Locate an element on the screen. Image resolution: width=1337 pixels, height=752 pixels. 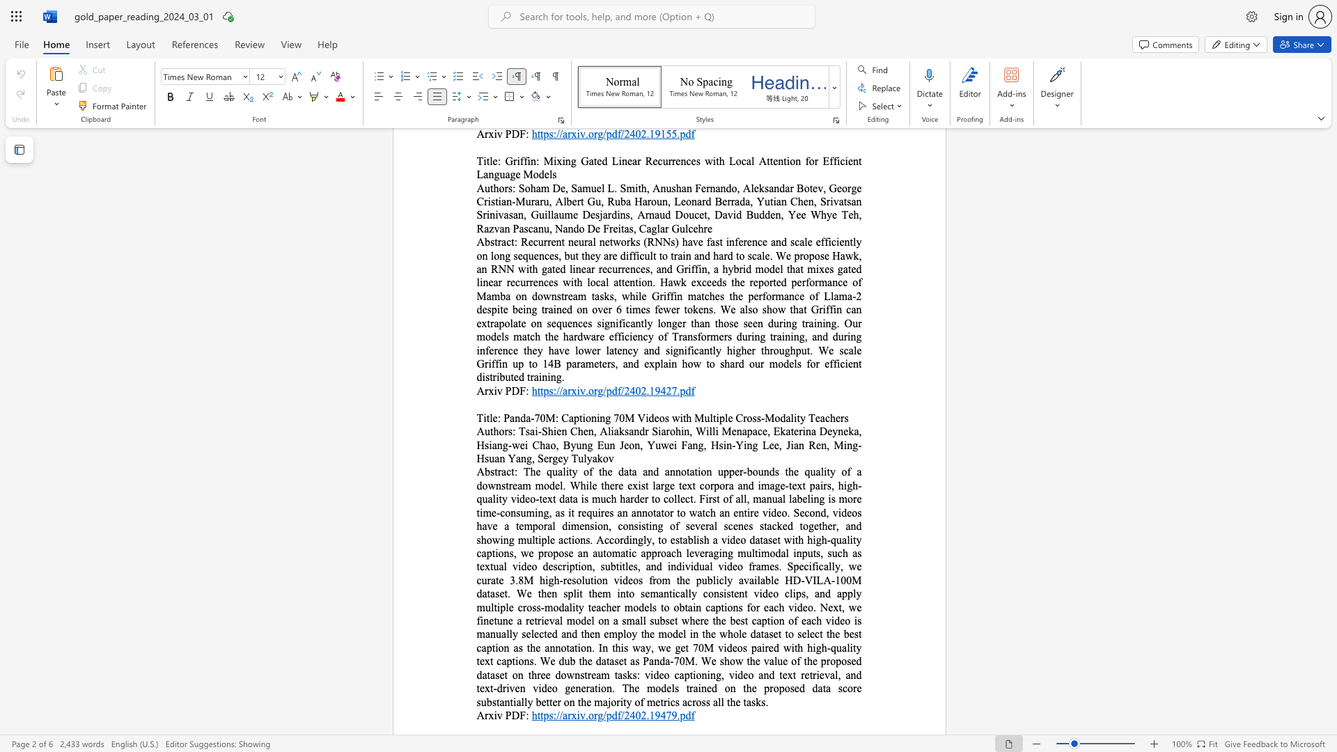
the subset text "ang, Hsin-Ying Lee, Jian Ren" within the text "Tsai-Shien Chen, Aliaksandr Siarohin, Willi Menapace, Ekaterina Deyneka, Hsiang-wei Chao, Byung Eun Jeon, Yuwei Fang, Hsin-Ying Lee, Jian Ren, Ming-Hsuan Yang, Sergey Tulyakov" is located at coordinates (687, 445).